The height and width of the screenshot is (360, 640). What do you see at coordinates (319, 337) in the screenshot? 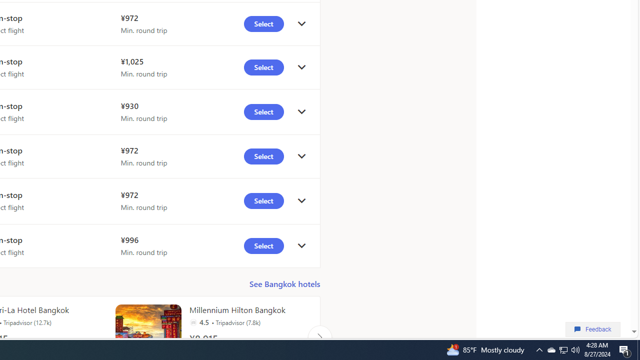
I see `'Click to scroll right'` at bounding box center [319, 337].